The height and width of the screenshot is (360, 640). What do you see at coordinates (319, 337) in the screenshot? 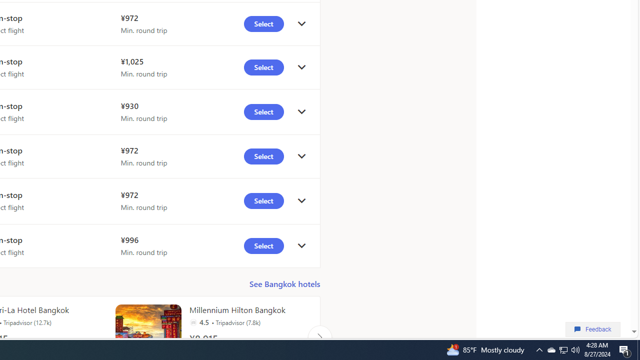
I see `'Click to scroll right'` at bounding box center [319, 337].